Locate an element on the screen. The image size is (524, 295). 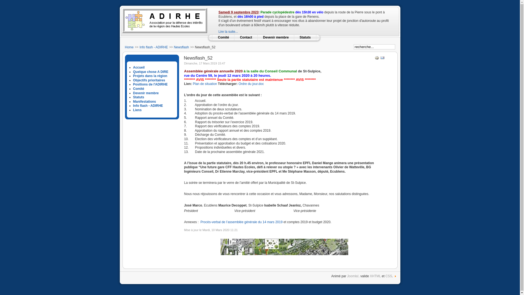
'Lire la suite...' is located at coordinates (228, 31).